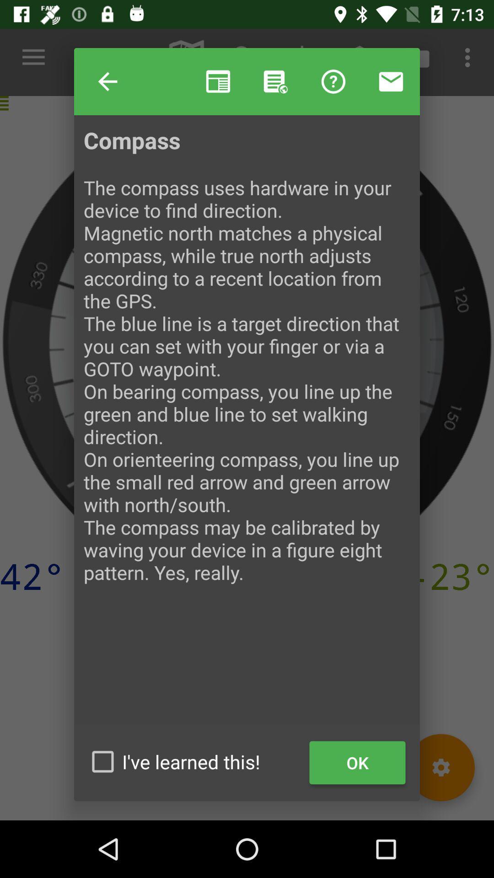 The image size is (494, 878). Describe the element at coordinates (275, 81) in the screenshot. I see `the item above compass the compass item` at that location.